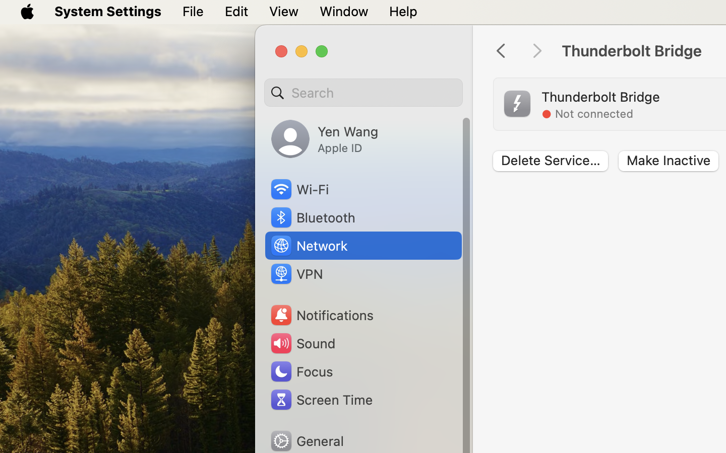 This screenshot has width=726, height=453. Describe the element at coordinates (306, 440) in the screenshot. I see `'General'` at that location.